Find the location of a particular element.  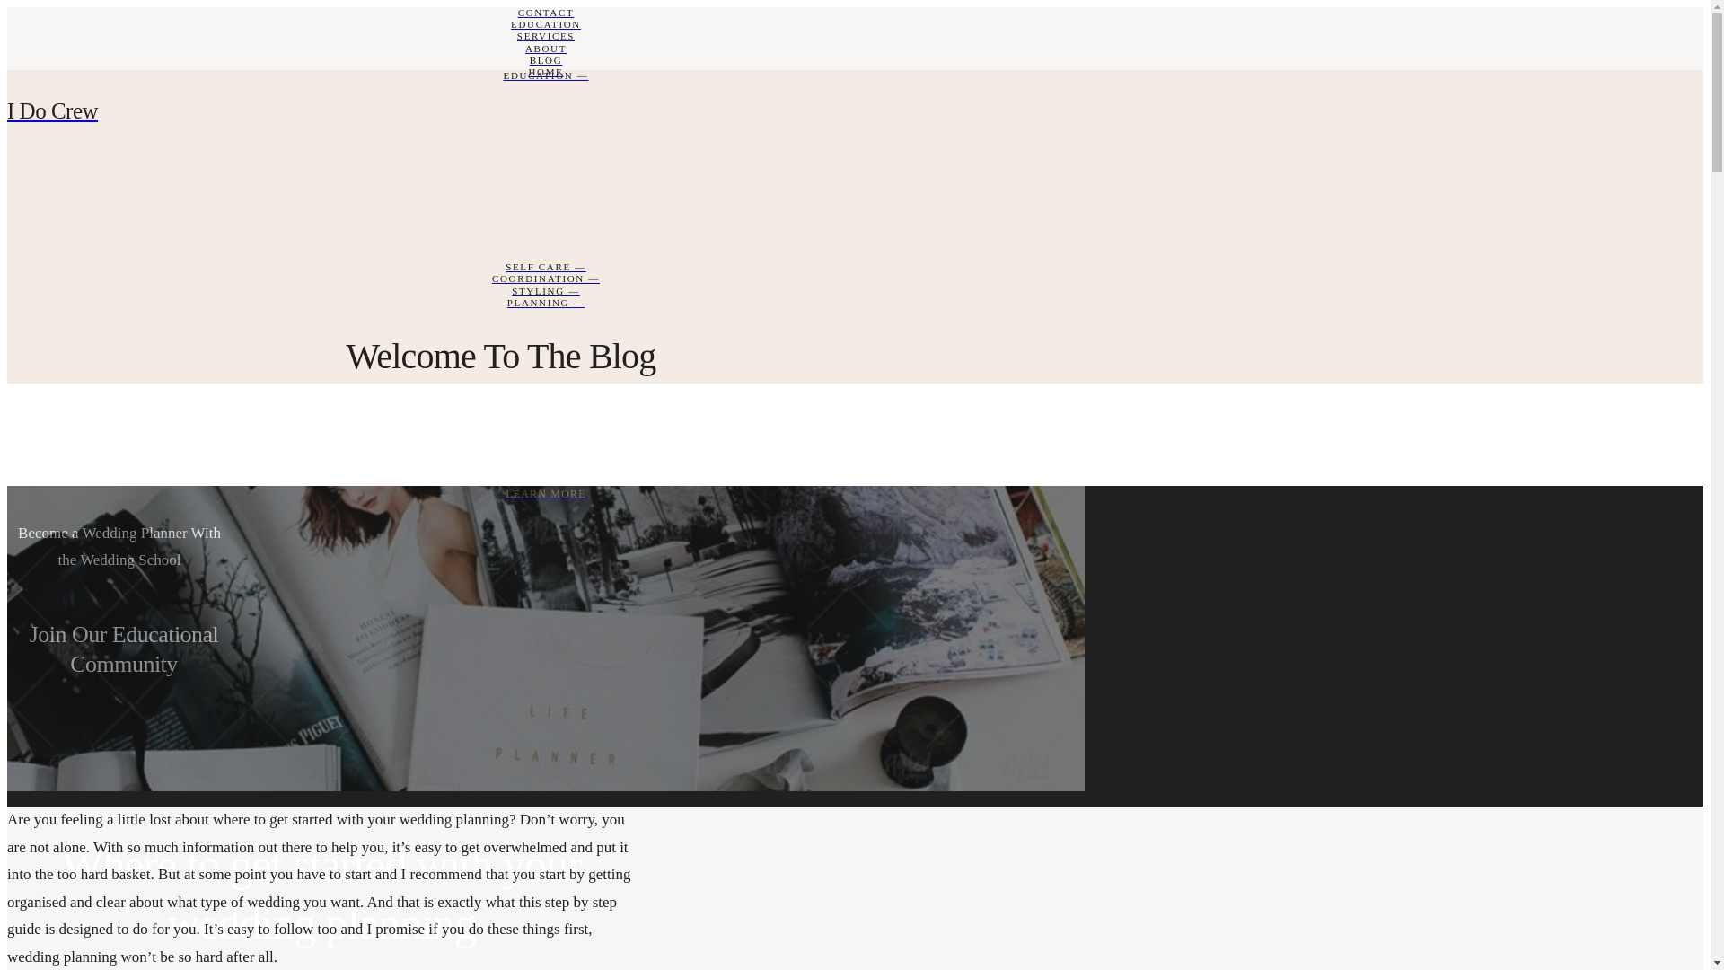

'HOME' is located at coordinates (7, 71).